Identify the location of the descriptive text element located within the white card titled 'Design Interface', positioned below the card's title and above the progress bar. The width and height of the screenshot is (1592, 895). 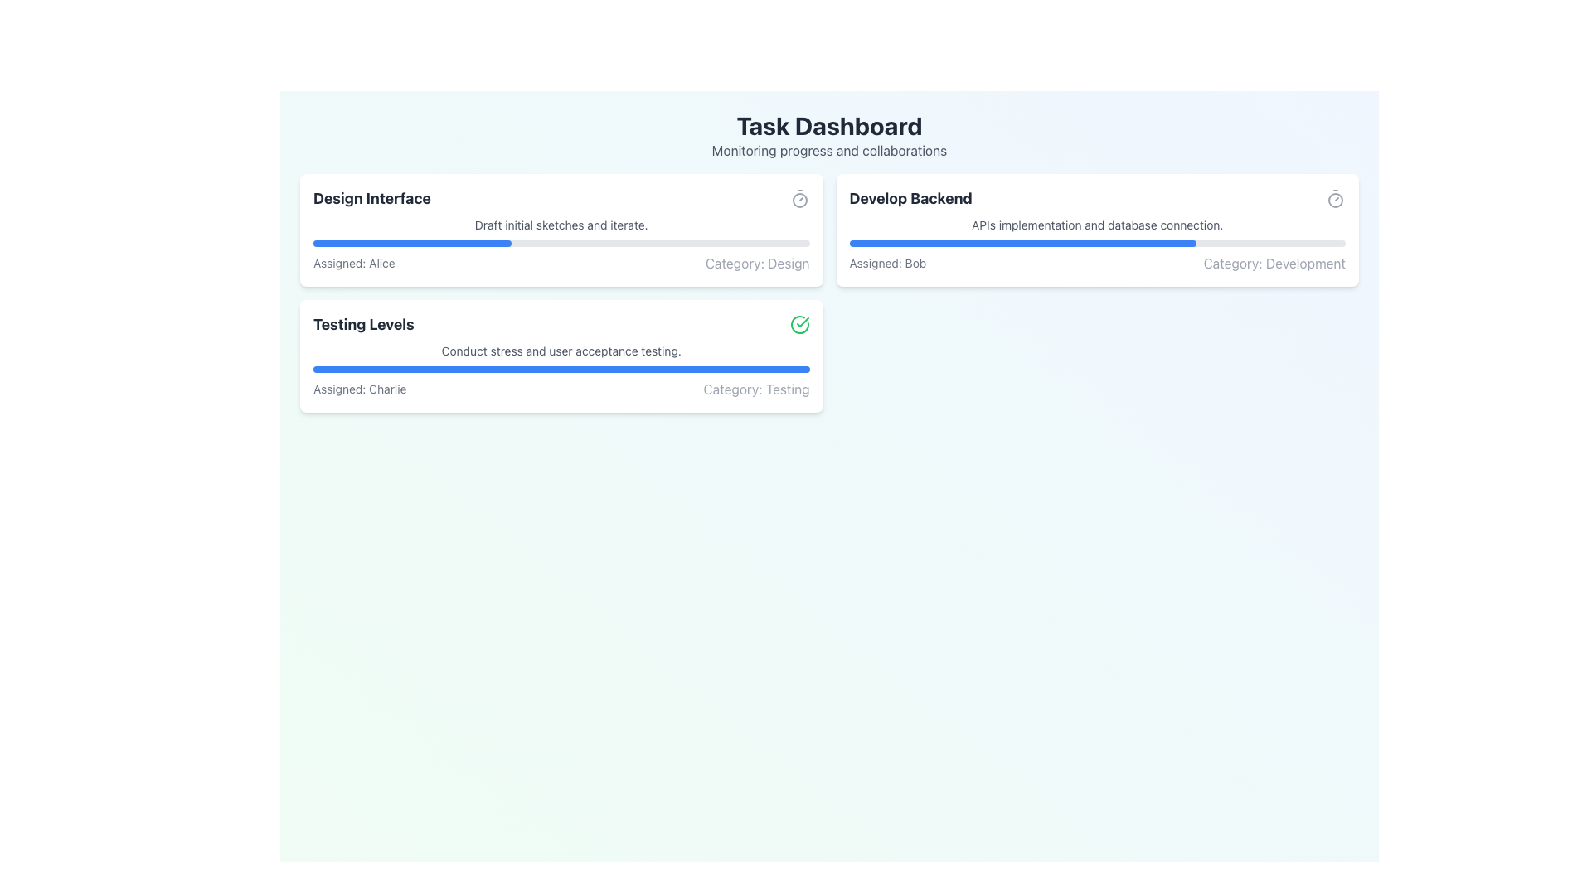
(561, 225).